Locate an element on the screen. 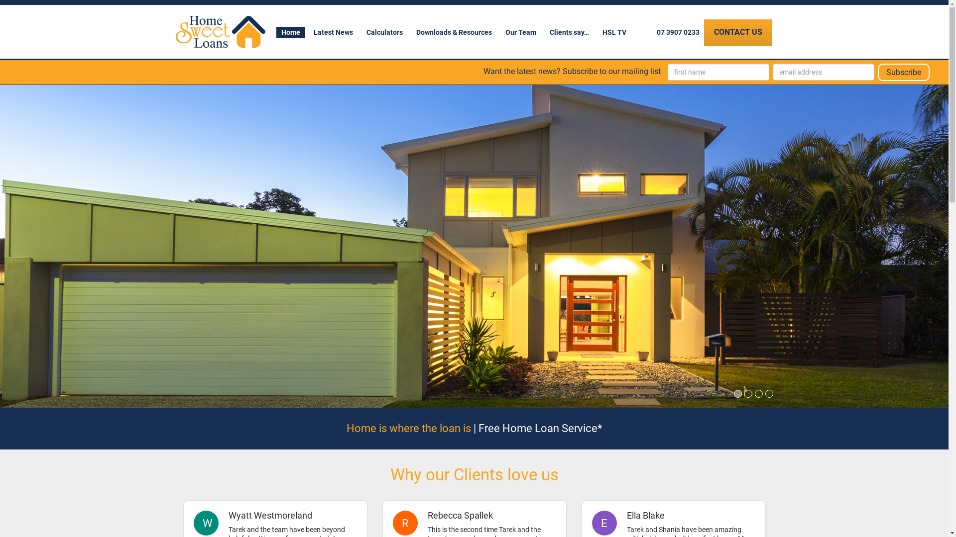 This screenshot has height=537, width=956. 'Home' is located at coordinates (289, 32).